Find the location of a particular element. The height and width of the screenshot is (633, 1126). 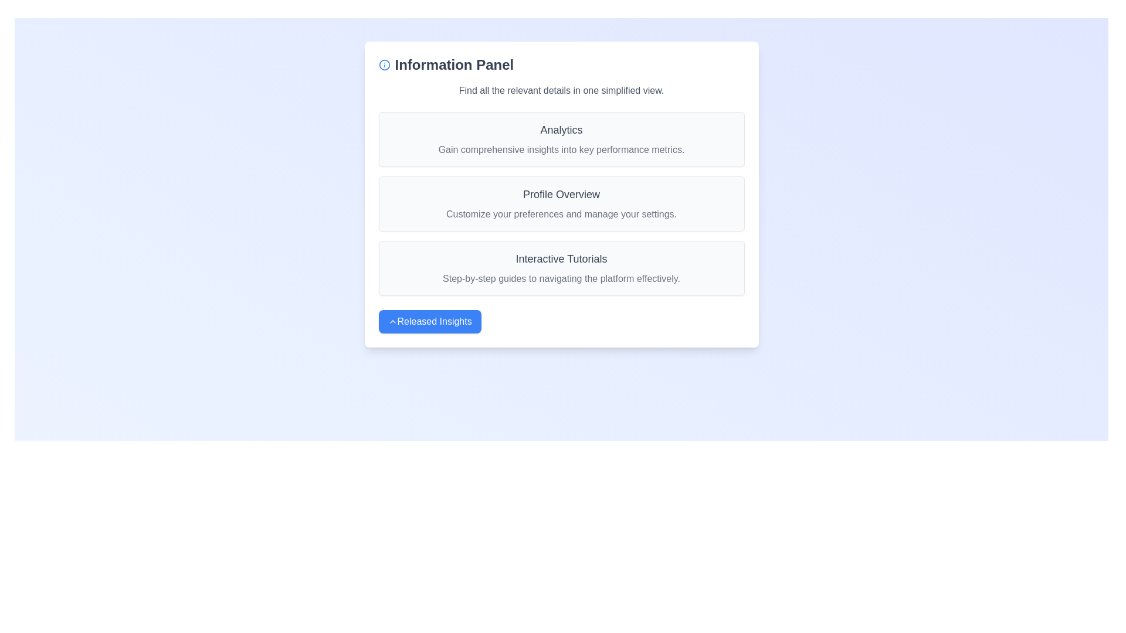

descriptive text label located under the 'Information Panel' title and above the 'Analytics' section to understand the context is located at coordinates (561, 90).